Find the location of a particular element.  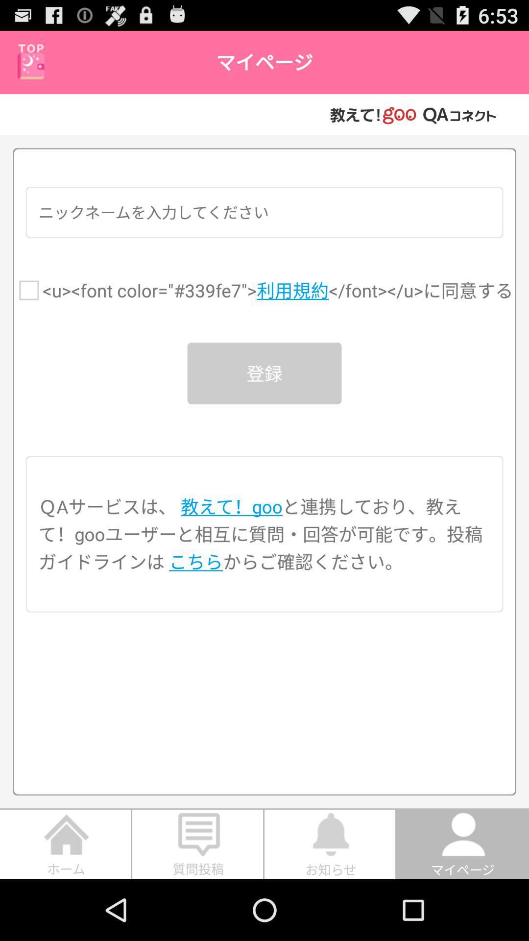

the icon to the left of the u font color is located at coordinates (28, 290).